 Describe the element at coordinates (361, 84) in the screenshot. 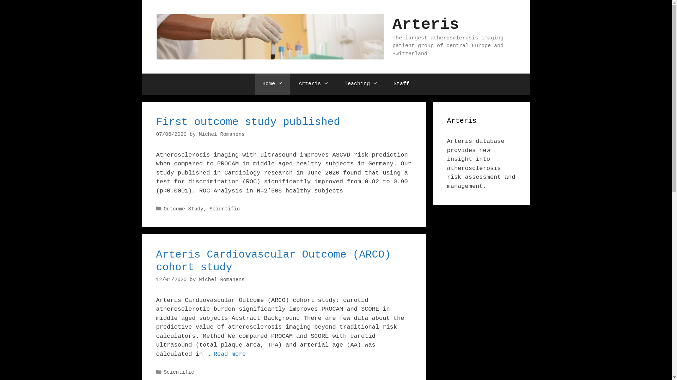

I see `'Teaching'` at that location.